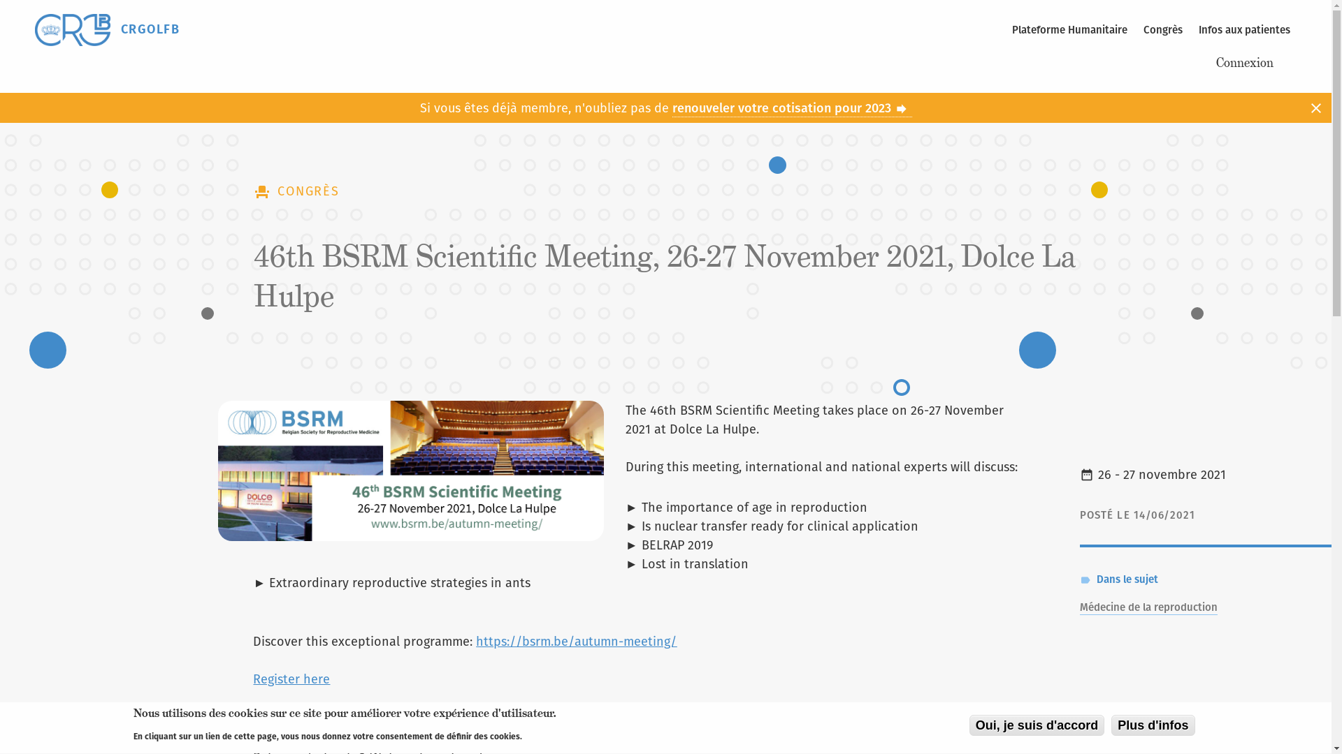 This screenshot has height=754, width=1342. I want to click on 'https://bsrm.be/autumn-meeting/', so click(576, 641).